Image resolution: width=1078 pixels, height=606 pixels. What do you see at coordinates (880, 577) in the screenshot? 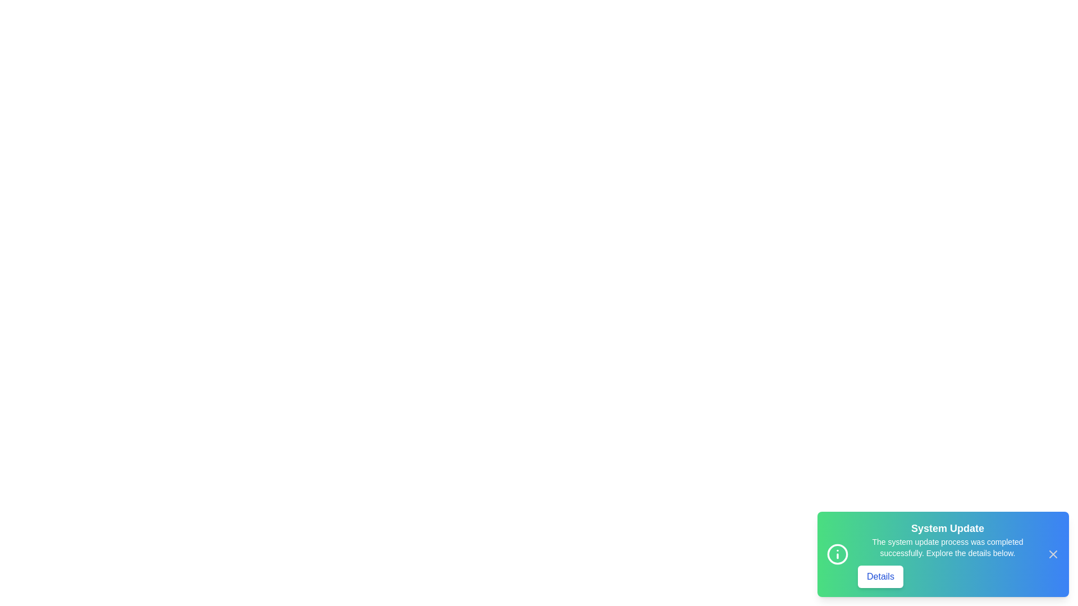
I see `the 'Details' button to observe the hover effect` at bounding box center [880, 577].